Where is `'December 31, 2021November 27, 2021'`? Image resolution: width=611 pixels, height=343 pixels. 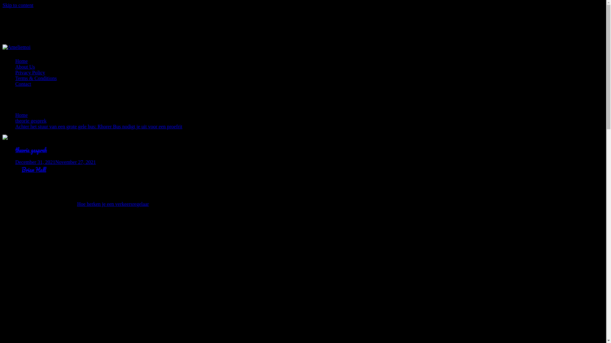 'December 31, 2021November 27, 2021' is located at coordinates (55, 162).